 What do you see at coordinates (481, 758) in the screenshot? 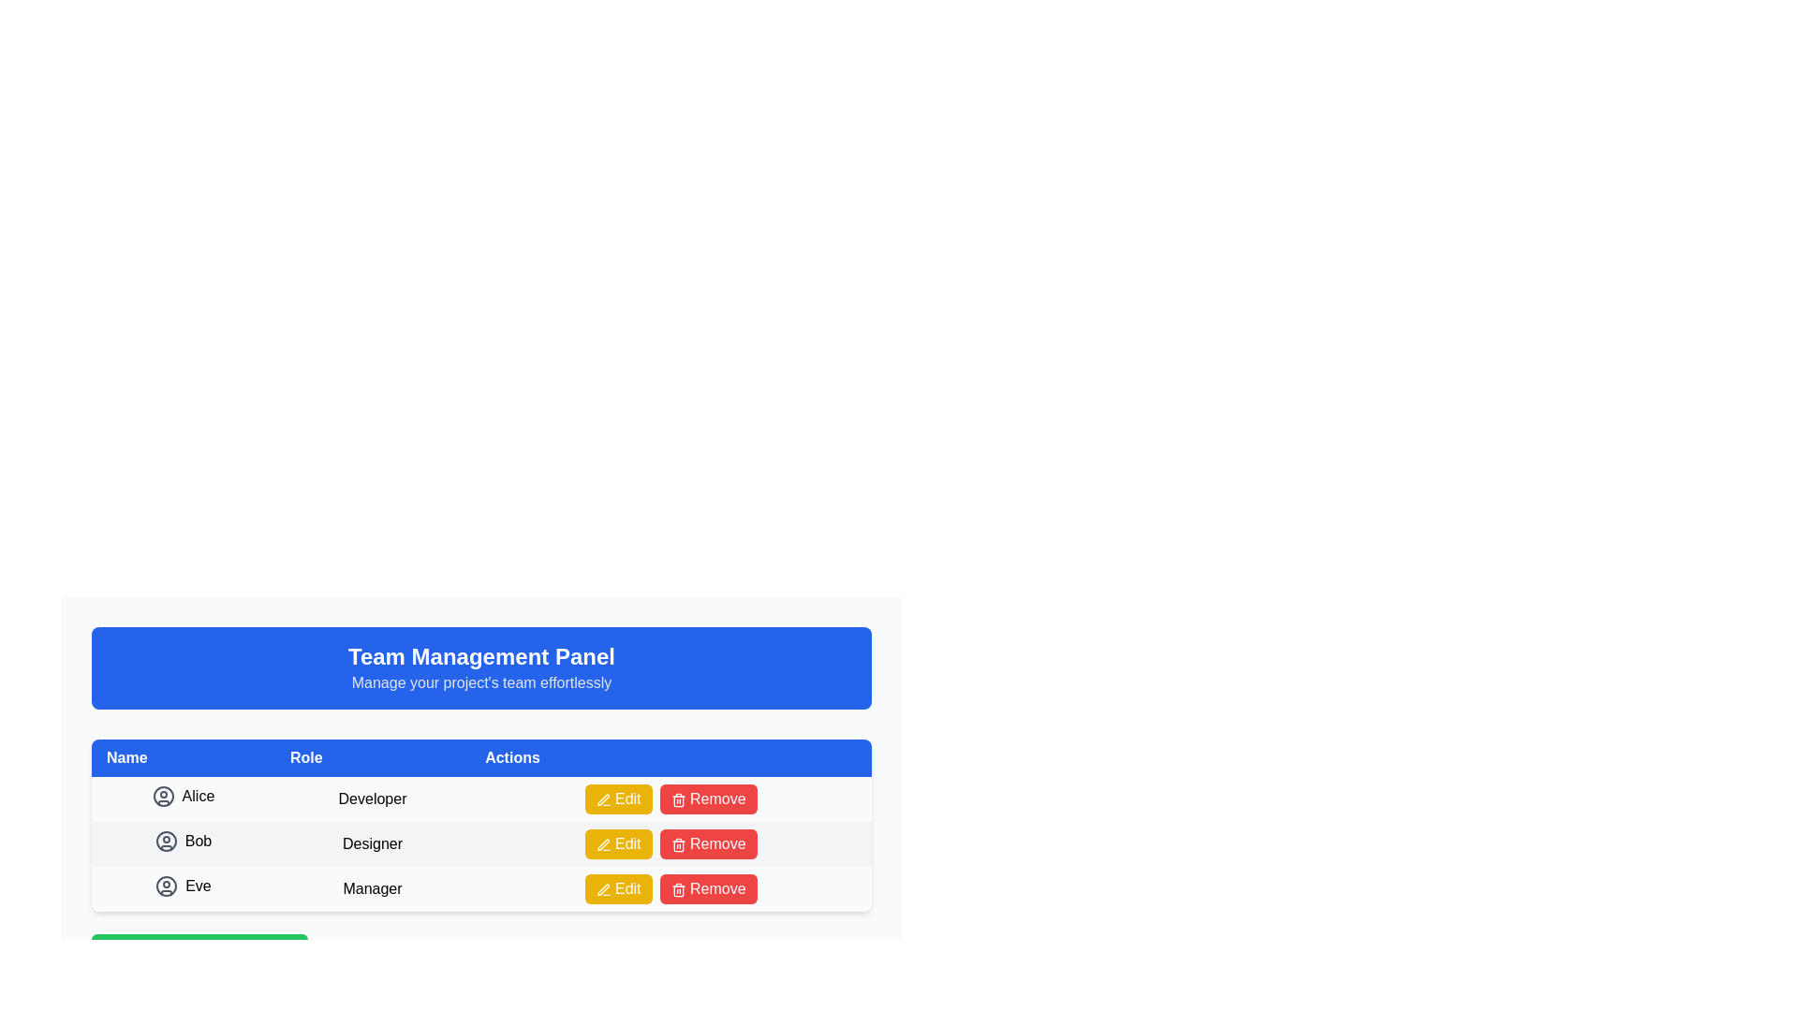
I see `column titles from the table header located beneath the 'Team Management Panel', which spans the width of the table and indicates data categories for each column: Name, Role, and Actions` at bounding box center [481, 758].